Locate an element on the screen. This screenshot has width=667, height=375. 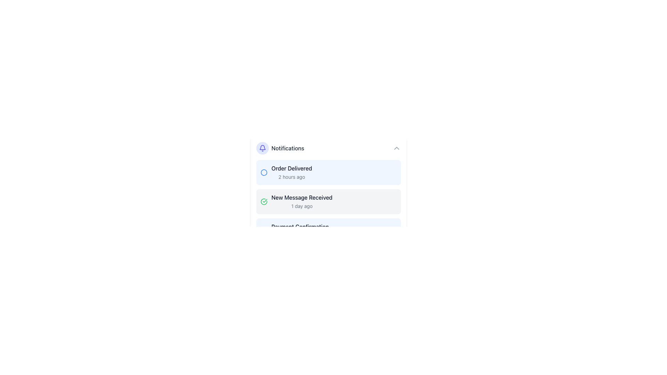
the 'Payment Confirmation' text label, which is bold and dark gray, located within the third notification card above the smaller text '3 days ago' is located at coordinates (300, 226).